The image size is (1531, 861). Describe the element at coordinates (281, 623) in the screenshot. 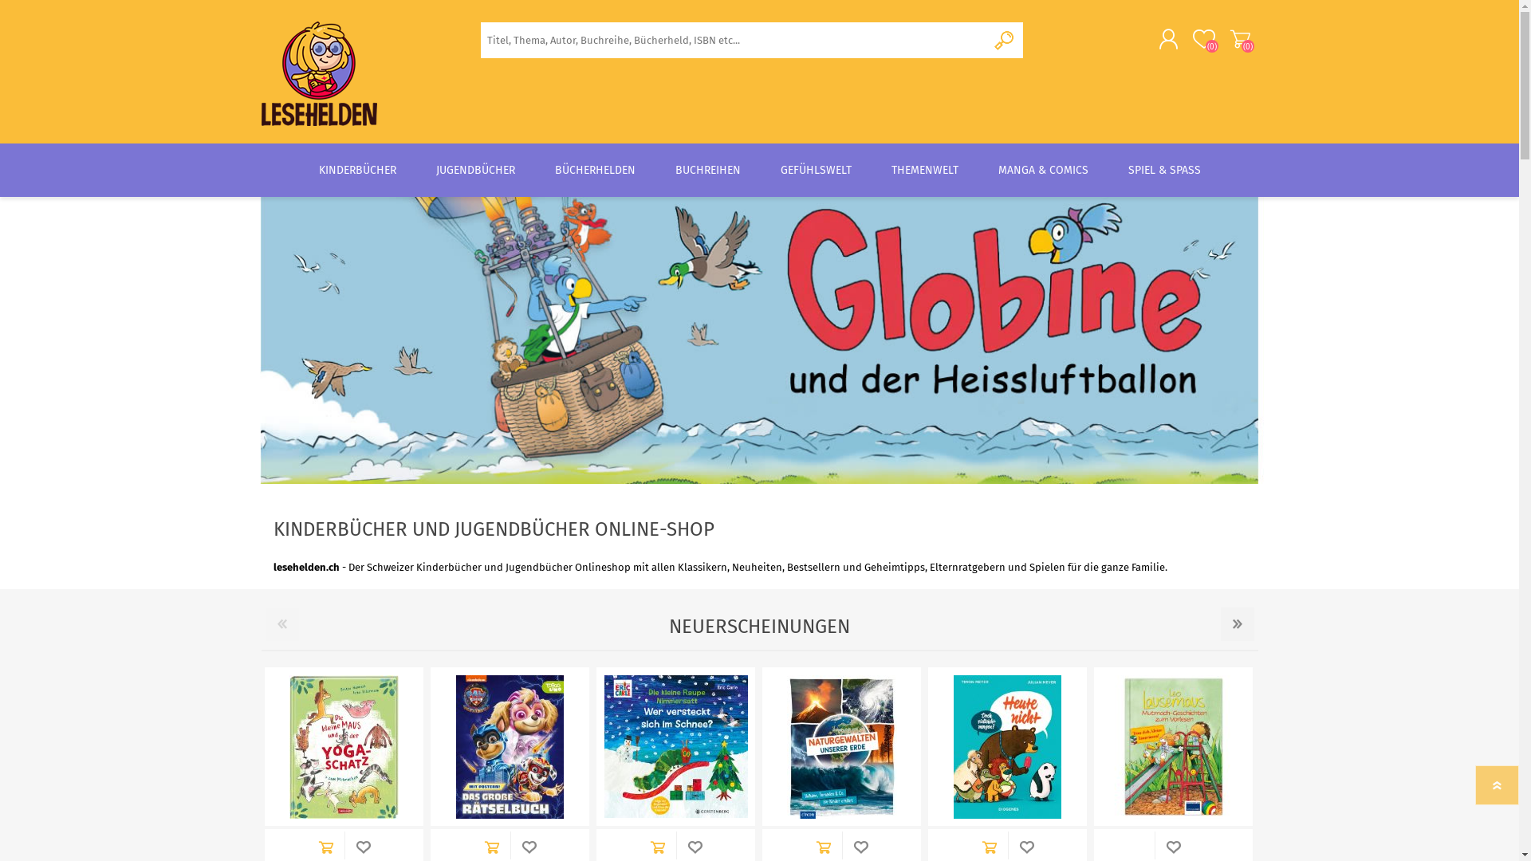

I see `'Previous'` at that location.